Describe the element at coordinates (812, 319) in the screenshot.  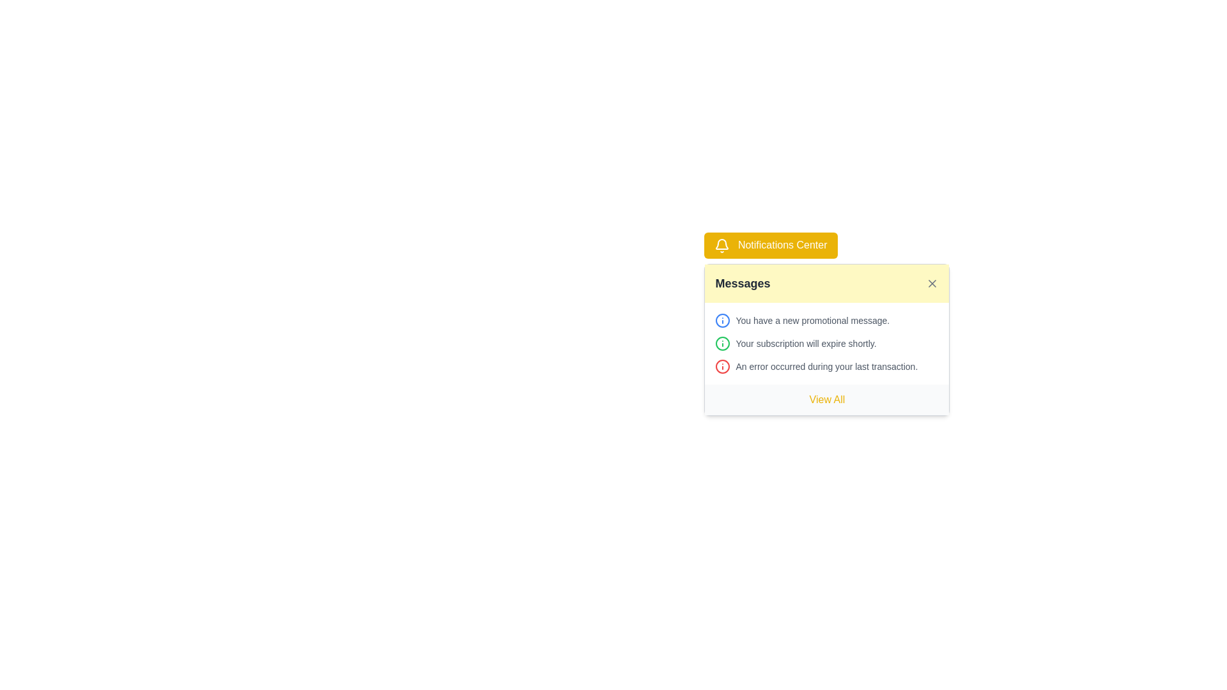
I see `the text display that conveys notifications about new promotional messages, located under the 'Messages' header in the notifications display` at that location.